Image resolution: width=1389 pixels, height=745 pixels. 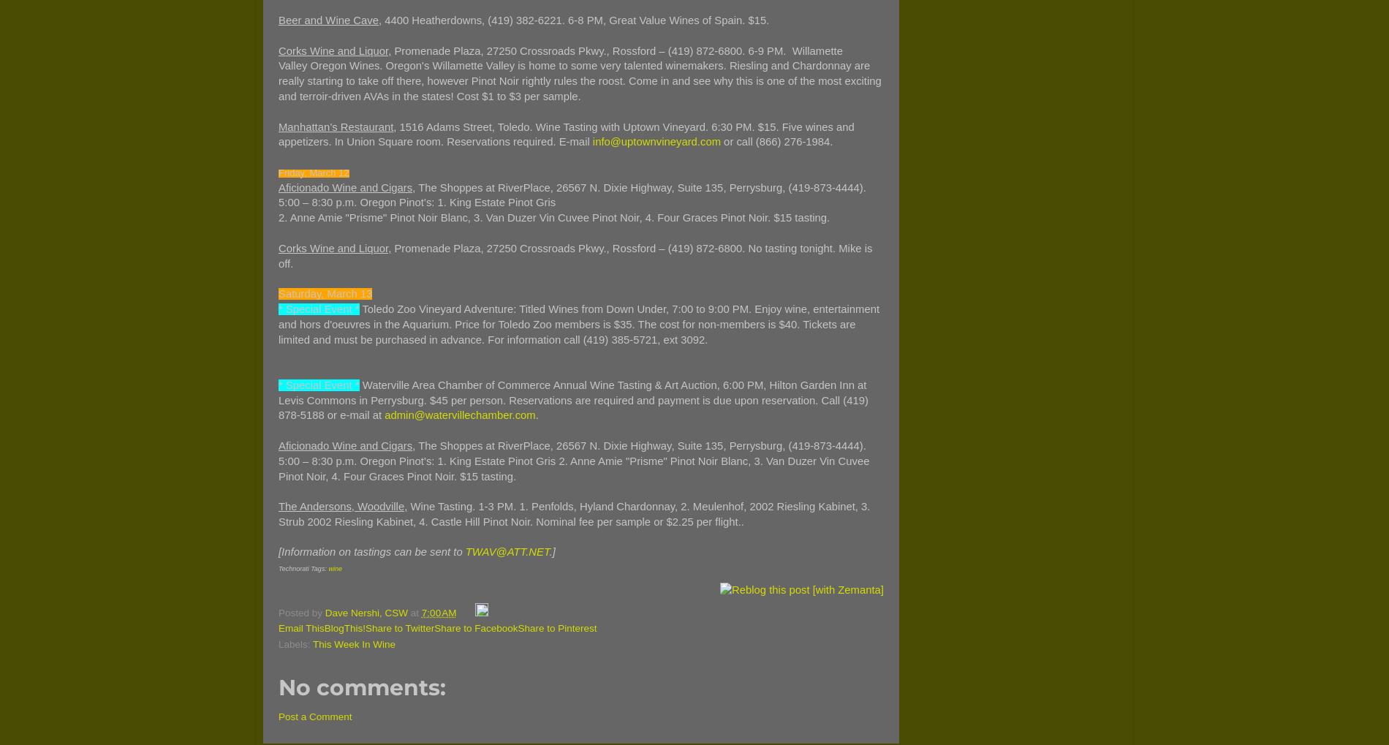 What do you see at coordinates (655, 141) in the screenshot?
I see `'info@uptownvineyard.com'` at bounding box center [655, 141].